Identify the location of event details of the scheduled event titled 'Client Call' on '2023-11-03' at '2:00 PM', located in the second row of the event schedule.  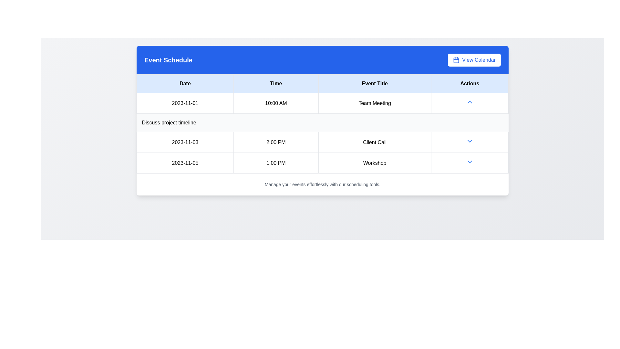
(322, 142).